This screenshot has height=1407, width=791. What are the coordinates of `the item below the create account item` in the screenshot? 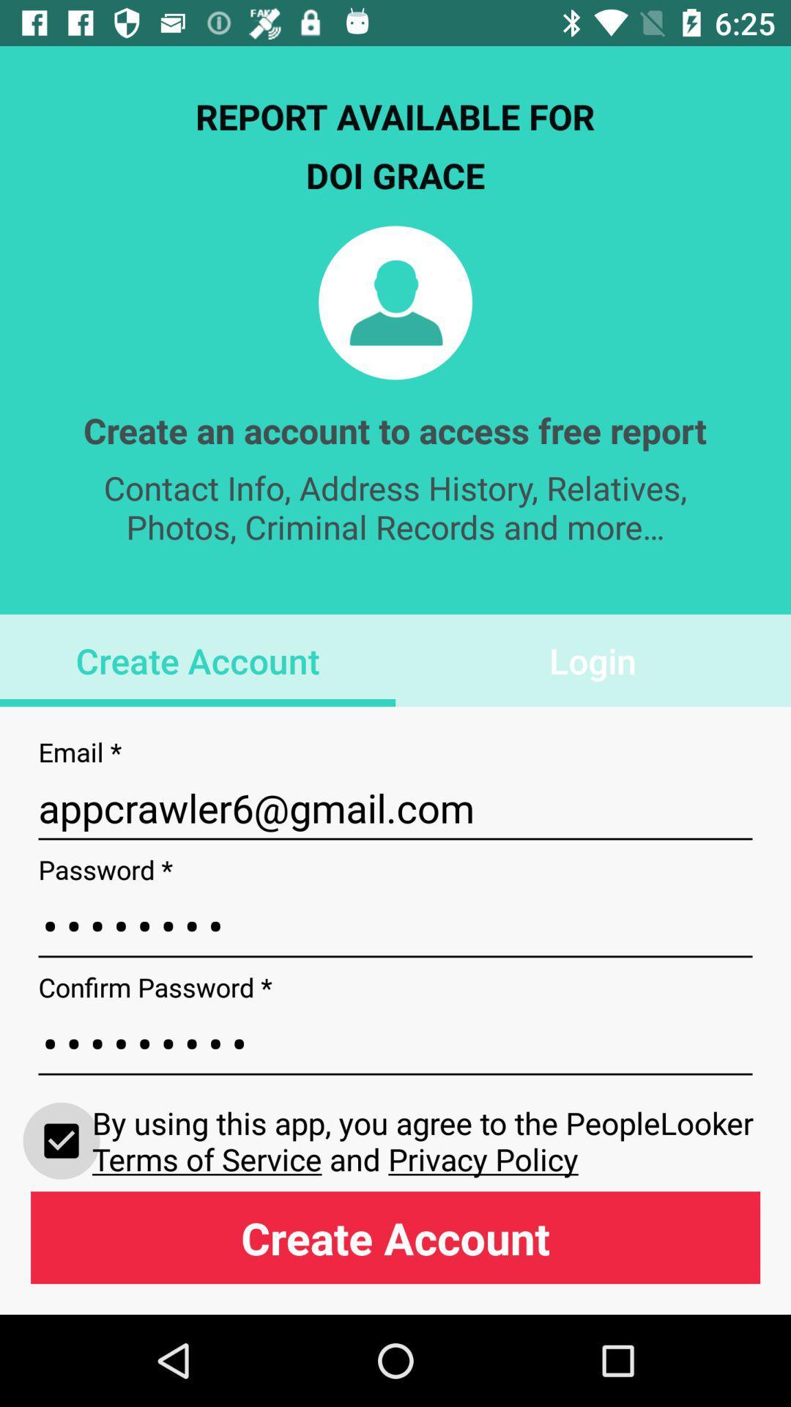 It's located at (395, 808).